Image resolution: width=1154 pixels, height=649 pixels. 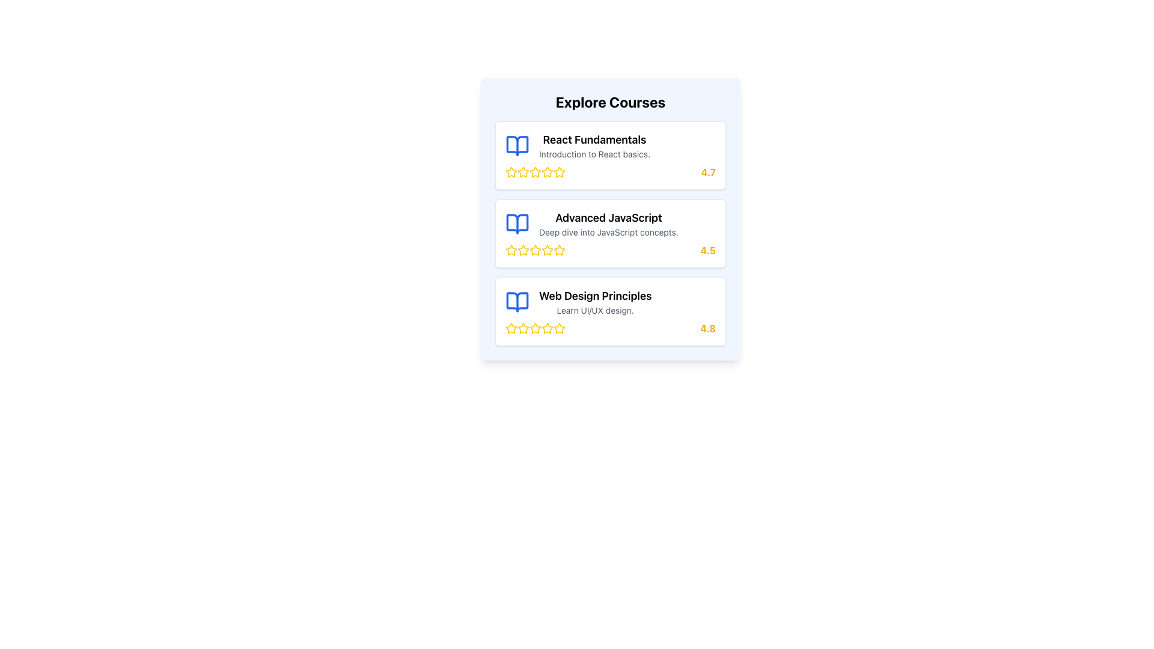 What do you see at coordinates (547, 172) in the screenshot?
I see `the fifth star icon representing a rating point in the course rating system for the 'React Fundamentals' course` at bounding box center [547, 172].